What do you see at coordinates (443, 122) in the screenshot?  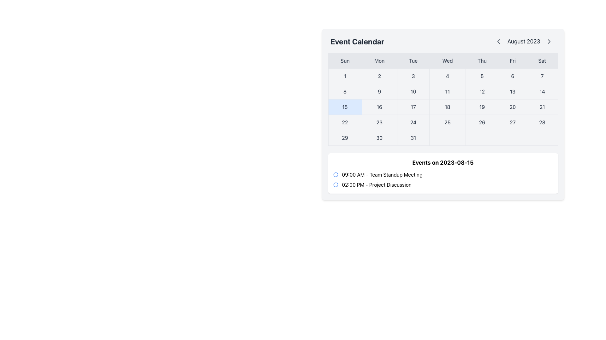 I see `the highlighted date '25' in the fourth row of the calendar day labels` at bounding box center [443, 122].